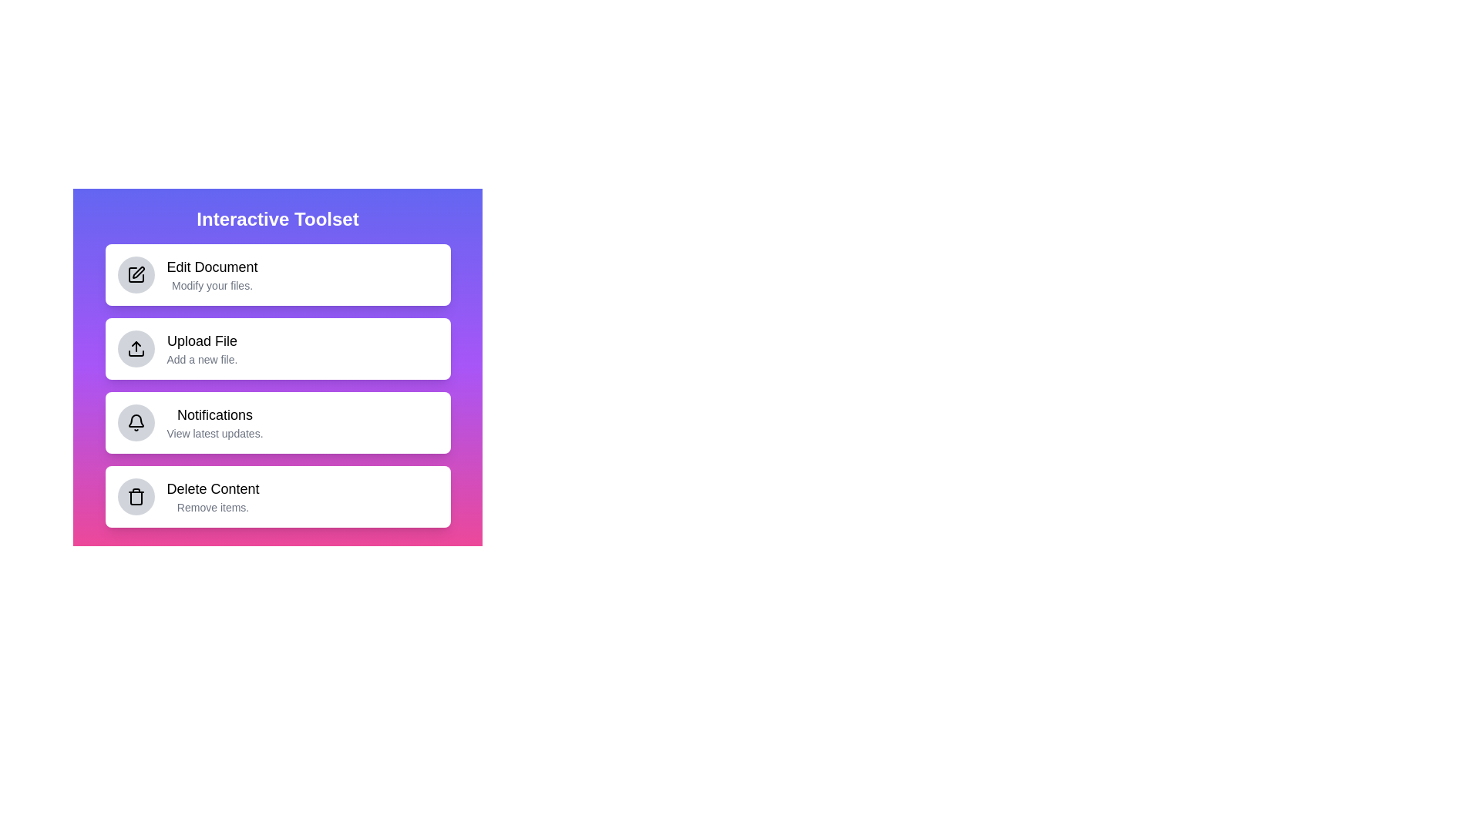  I want to click on the menu item labeled 'Delete Content' to trigger its animation effect, so click(277, 496).